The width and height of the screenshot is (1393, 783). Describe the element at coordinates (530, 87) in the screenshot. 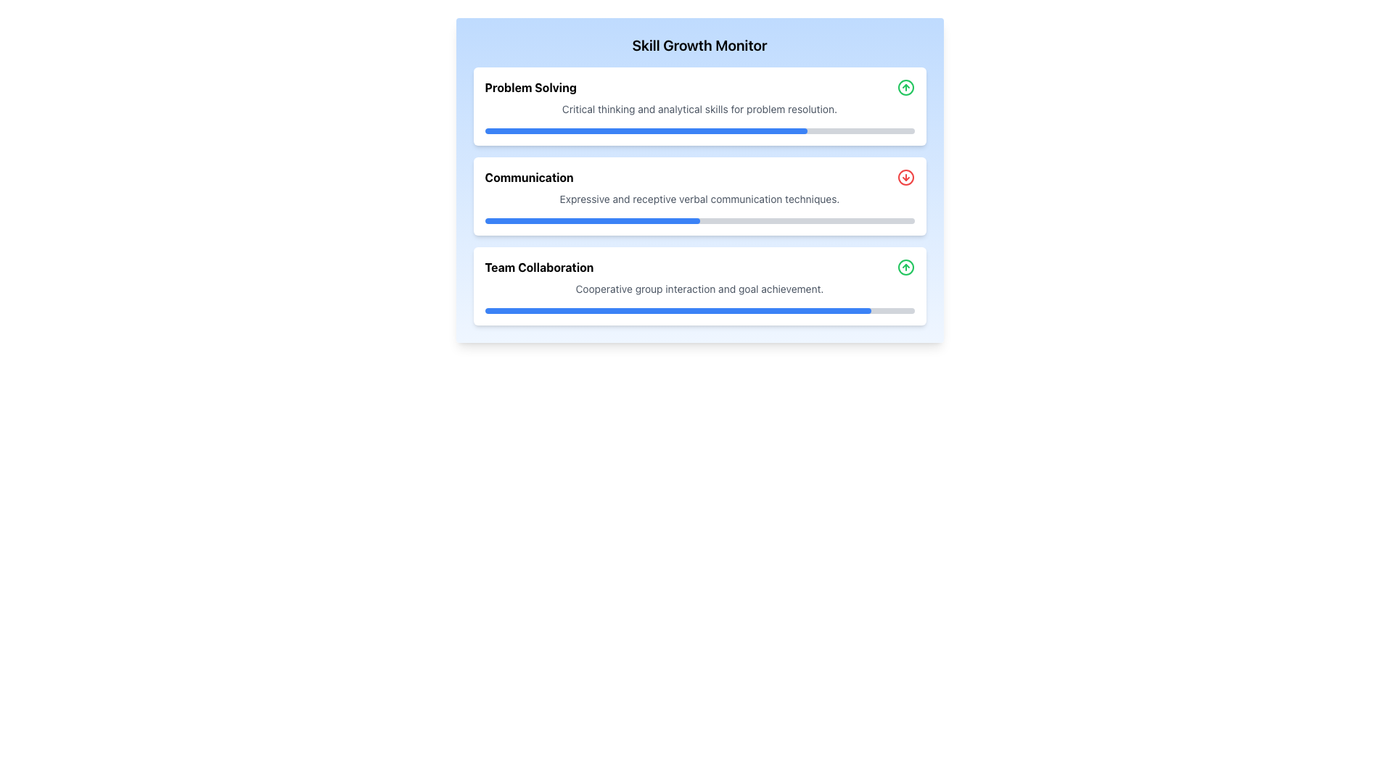

I see `the static text label that serves as a title for the skill category related to problem-solving skills, located at the top-left corner of the bordered card` at that location.